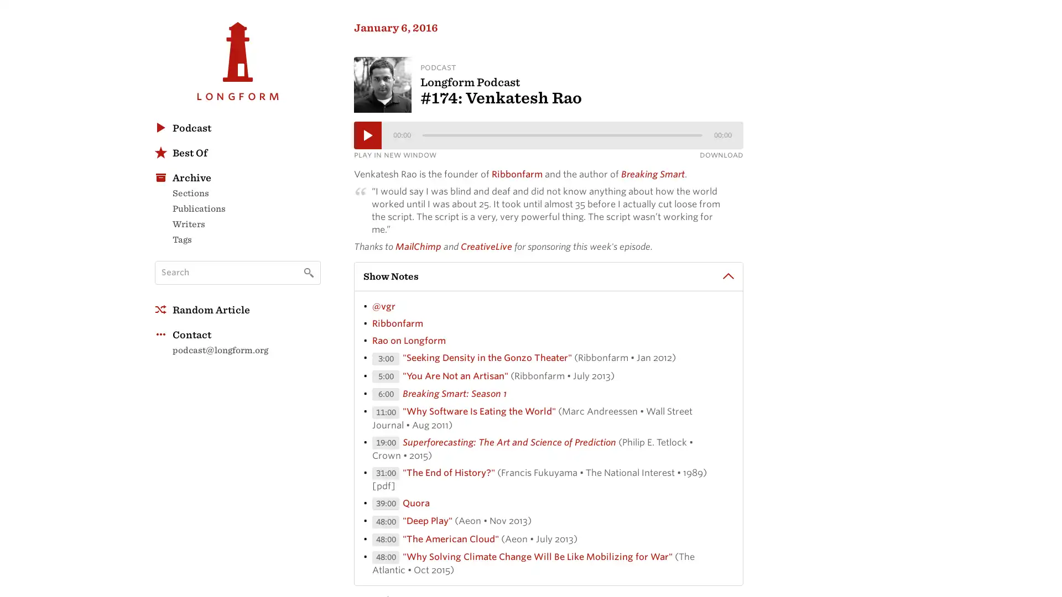 This screenshot has height=597, width=1062. I want to click on 19:00, so click(386, 444).